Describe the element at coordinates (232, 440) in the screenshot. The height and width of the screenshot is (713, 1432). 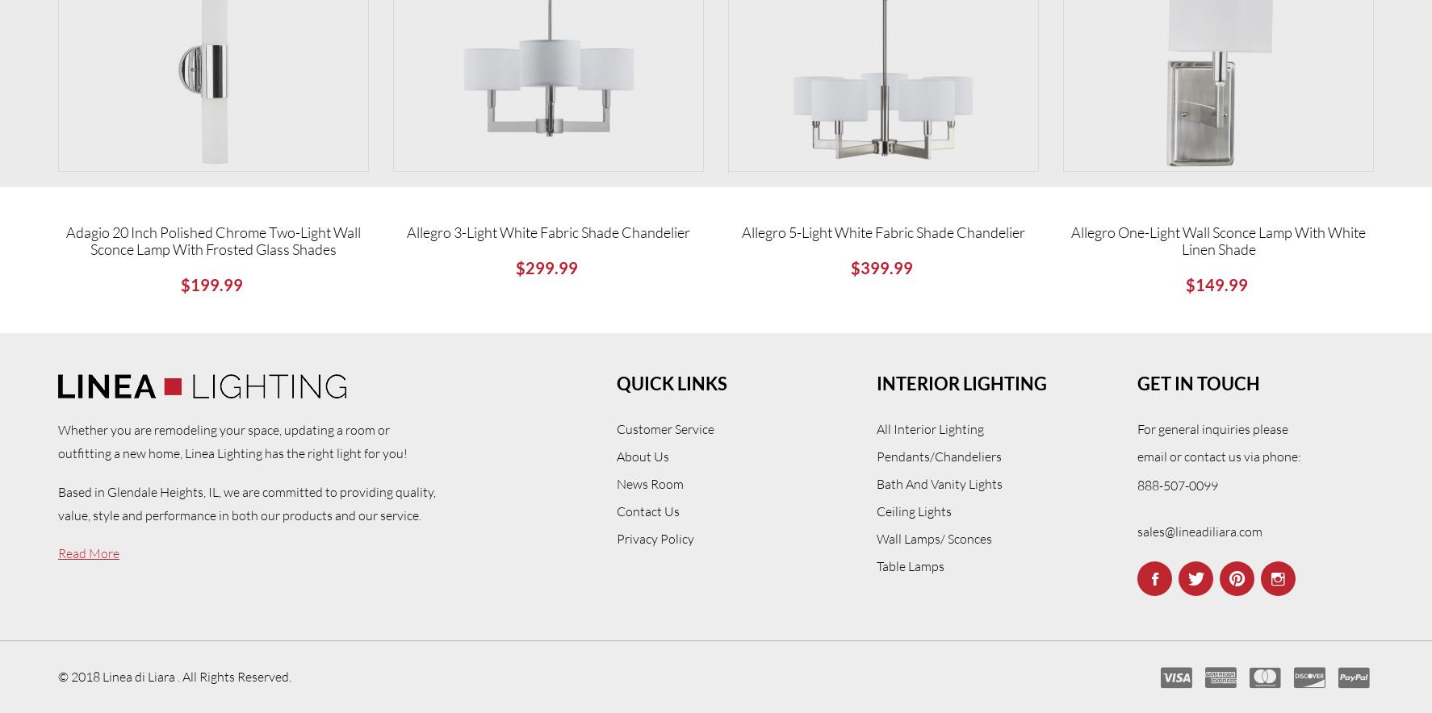
I see `'Whether you are remodeling your space, updating a room or outfitting a new home, Linea Lighting has the right light for you!'` at that location.